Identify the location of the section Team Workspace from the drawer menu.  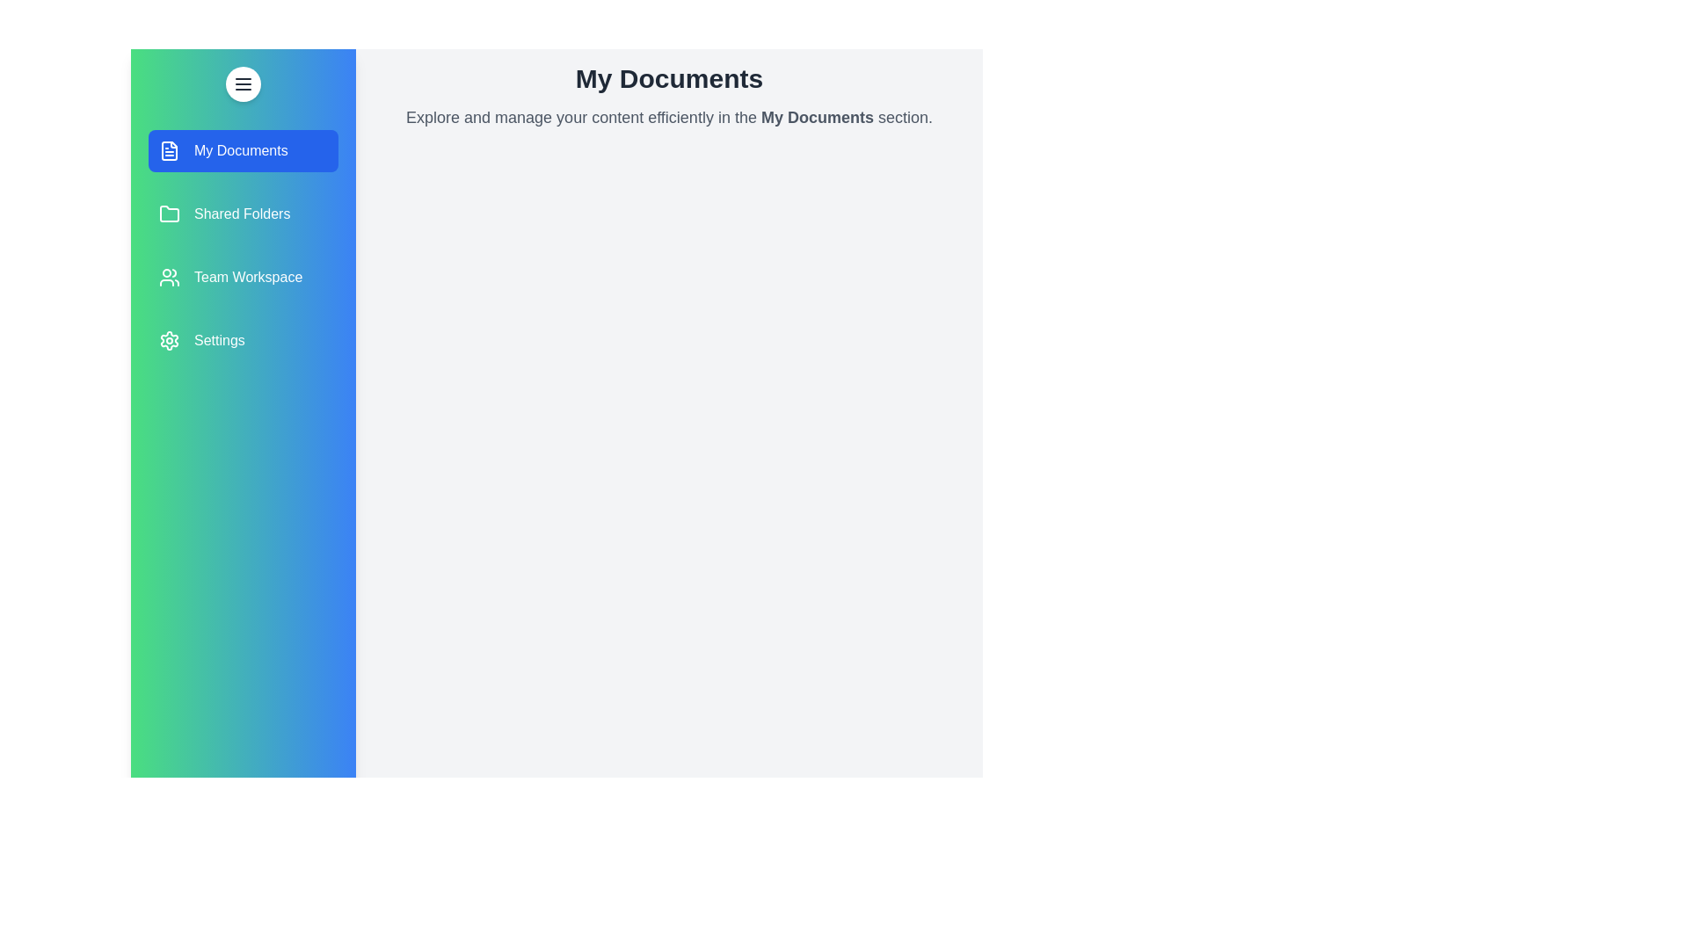
(243, 277).